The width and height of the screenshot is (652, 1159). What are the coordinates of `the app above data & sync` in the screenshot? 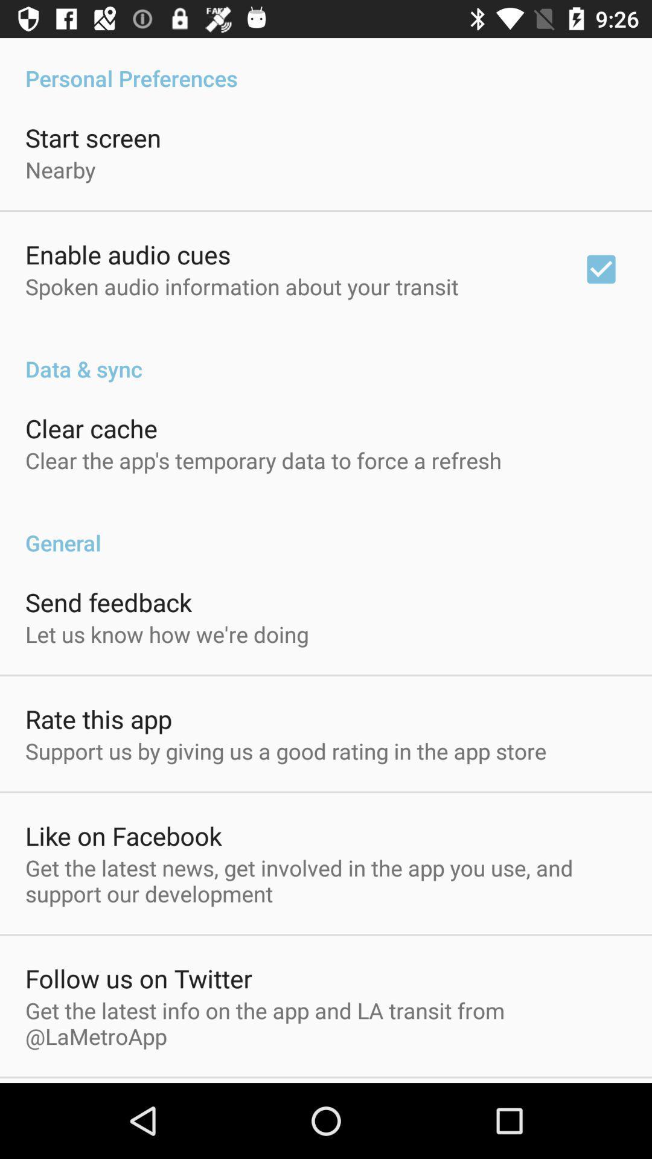 It's located at (601, 269).